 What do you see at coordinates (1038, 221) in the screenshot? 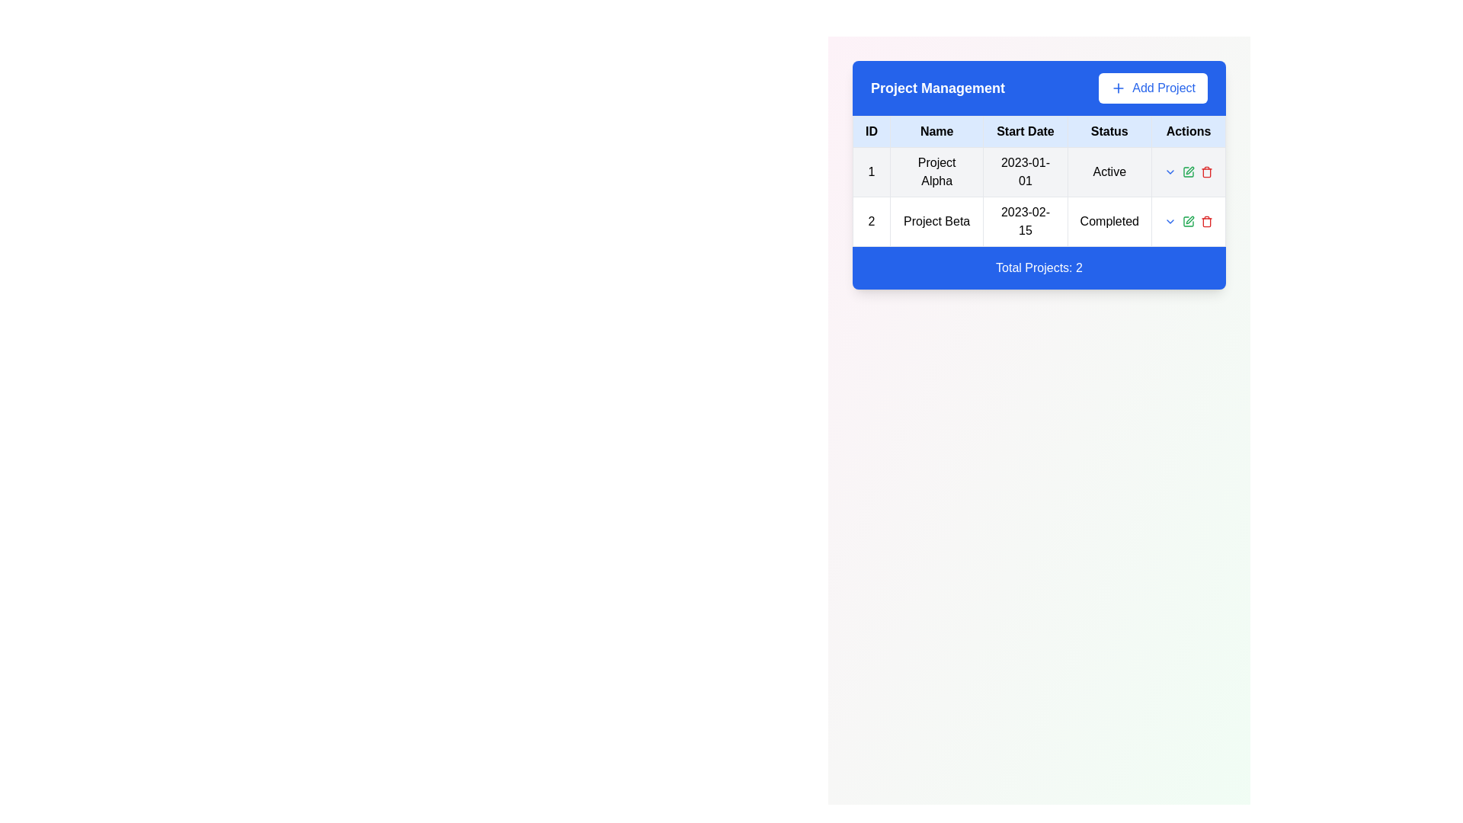
I see `the individual cells of the second row in the project management table representing 'Project Beta' for editing or viewing` at bounding box center [1038, 221].